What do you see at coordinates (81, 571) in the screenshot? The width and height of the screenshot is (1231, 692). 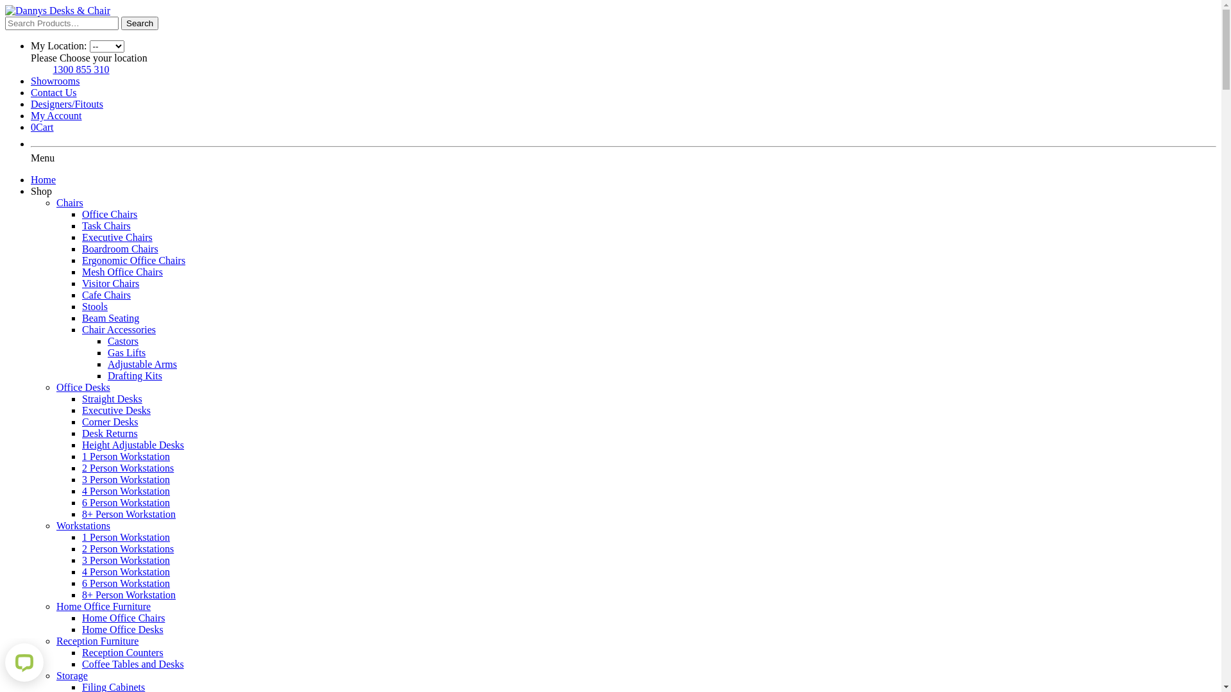 I see `'4 Person Workstation'` at bounding box center [81, 571].